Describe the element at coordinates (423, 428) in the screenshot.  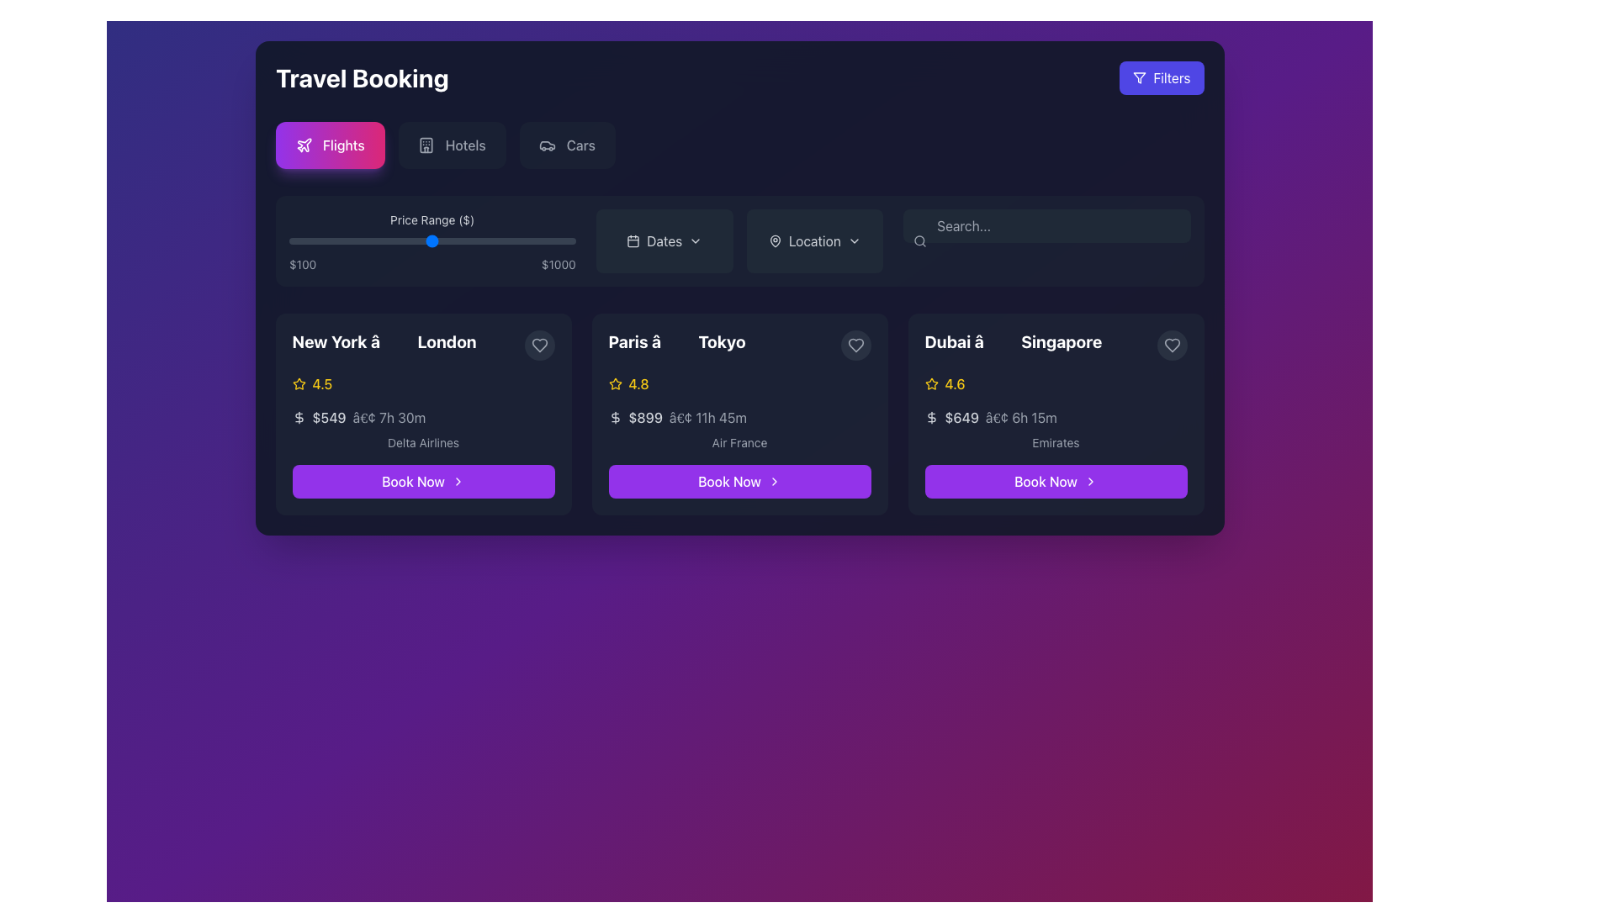
I see `the Text Display Area that provides details about the cost, duration, and airline for the flight itinerary from 'New York → London', located below the rating and price information and above the 'Book Now' button` at that location.